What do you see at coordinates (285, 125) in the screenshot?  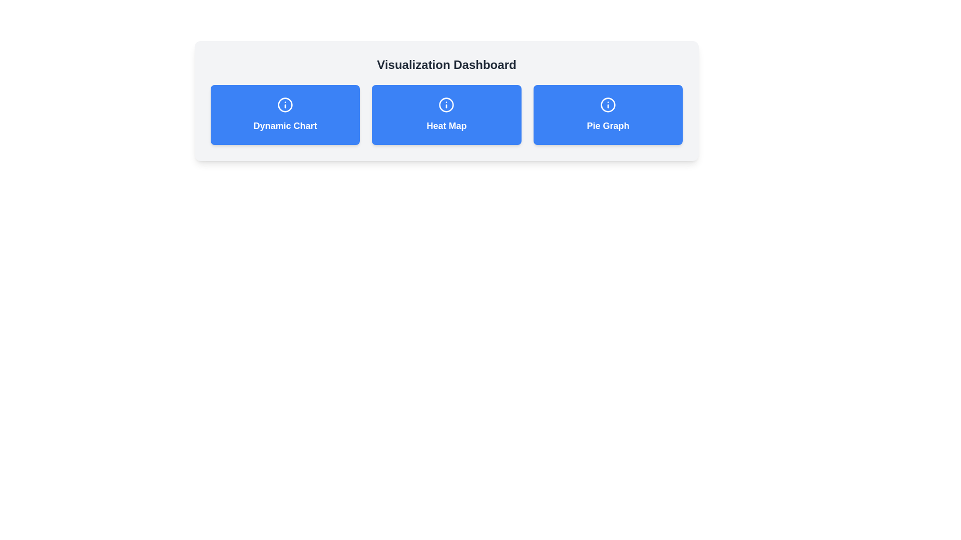 I see `the text label displaying 'Dynamic Chart' which is styled in bold typography and centrally aligned within the blue rectangular button` at bounding box center [285, 125].